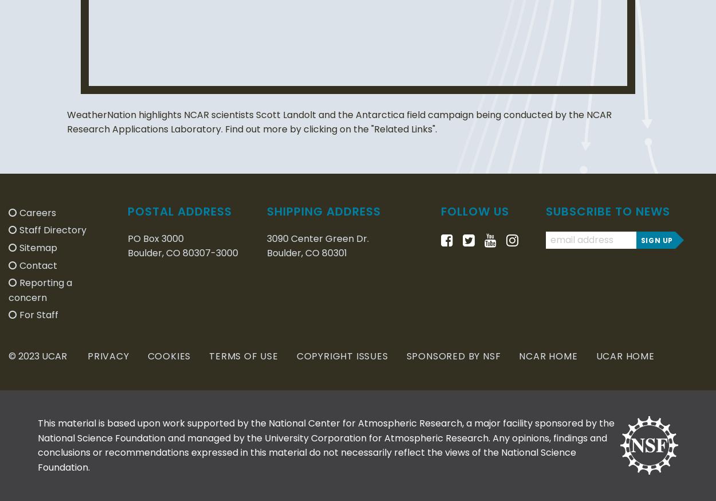 This screenshot has width=716, height=501. What do you see at coordinates (52, 230) in the screenshot?
I see `'Staff Directory'` at bounding box center [52, 230].